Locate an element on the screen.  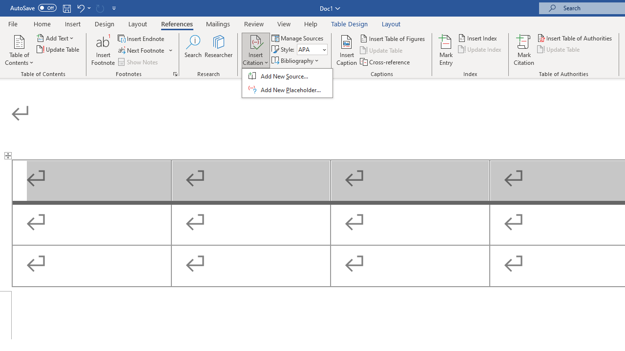
'Cross-reference...' is located at coordinates (385, 62).